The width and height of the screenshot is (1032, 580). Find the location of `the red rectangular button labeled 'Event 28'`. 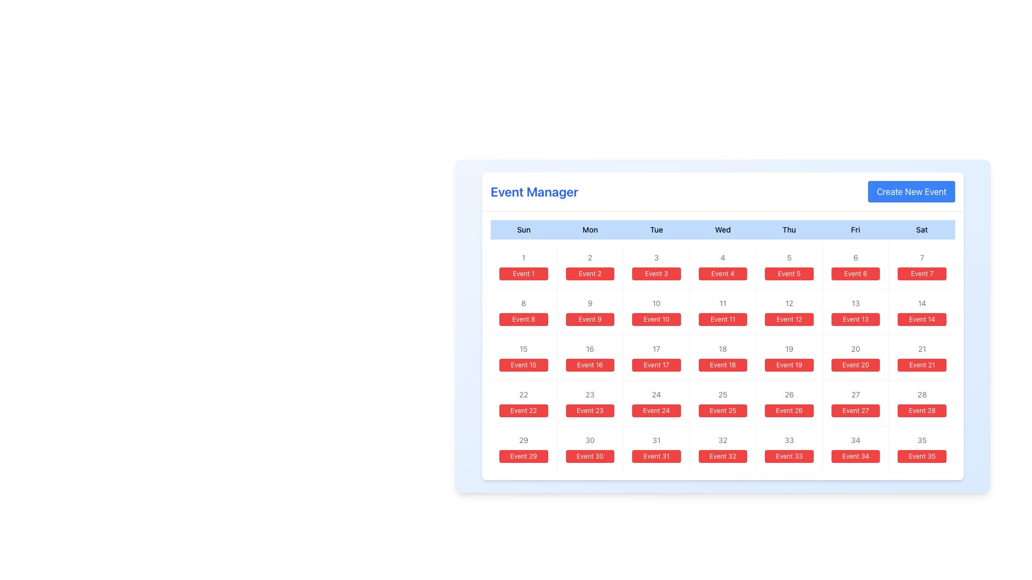

the red rectangular button labeled 'Event 28' is located at coordinates (921, 403).